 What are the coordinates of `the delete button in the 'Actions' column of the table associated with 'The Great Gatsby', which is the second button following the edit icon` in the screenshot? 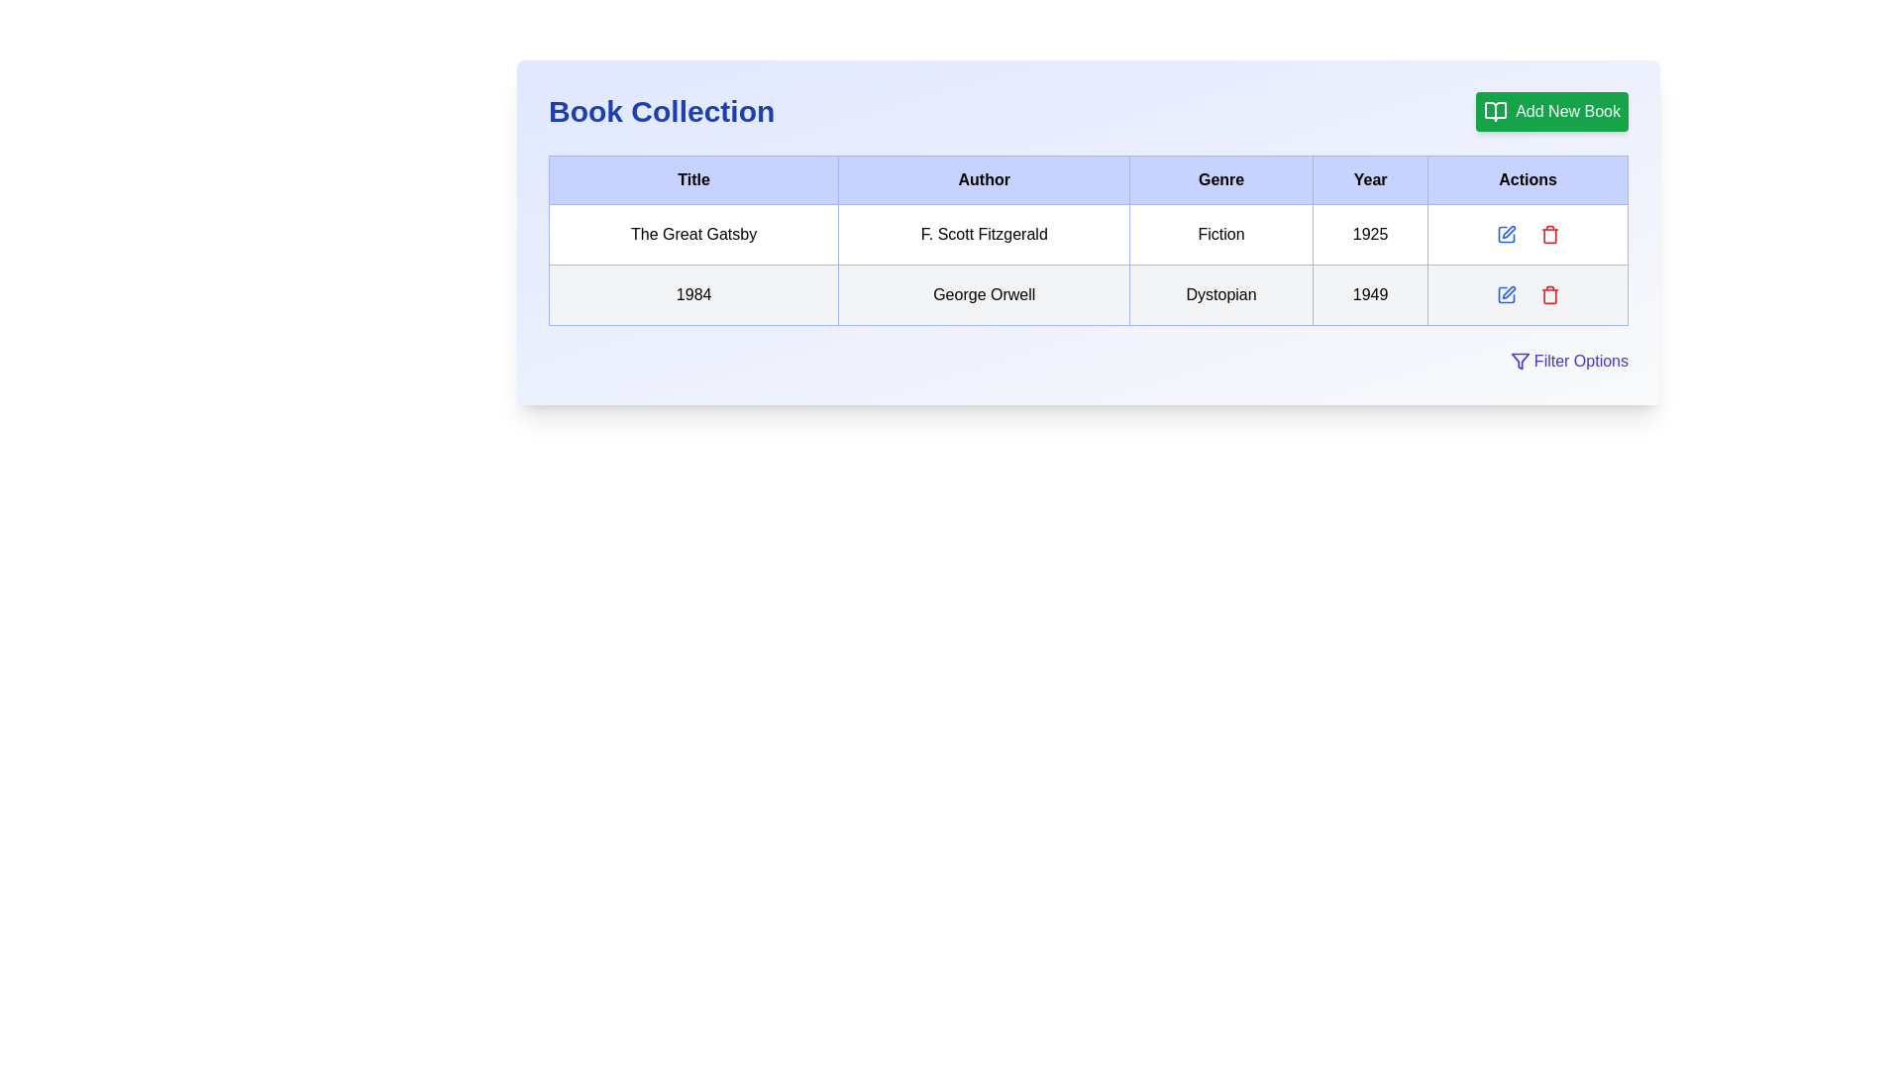 It's located at (1548, 233).